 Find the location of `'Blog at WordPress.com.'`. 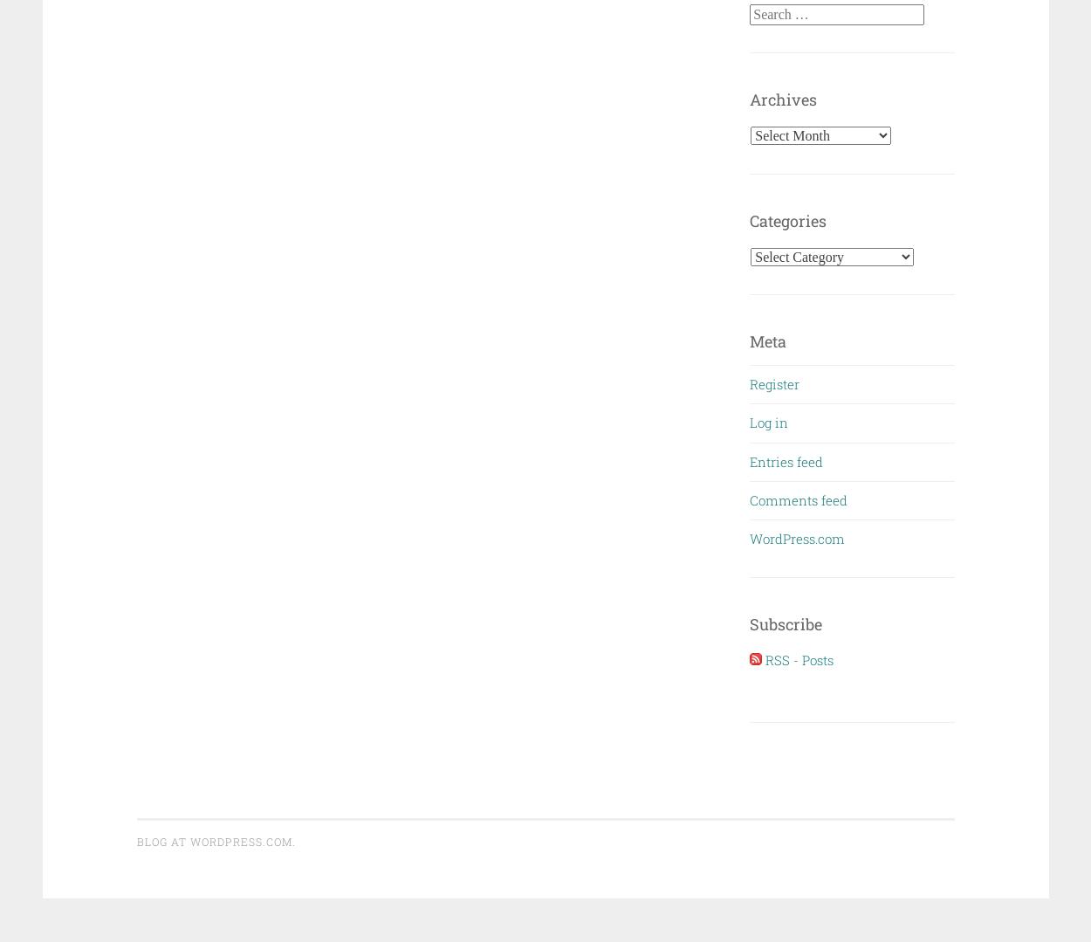

'Blog at WordPress.com.' is located at coordinates (215, 840).